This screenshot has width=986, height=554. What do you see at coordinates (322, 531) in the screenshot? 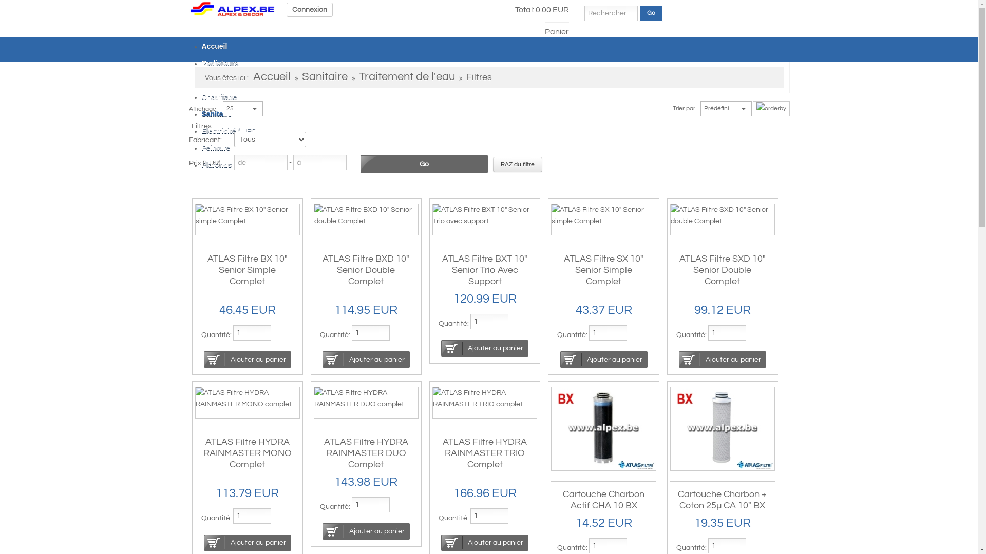
I see `'Ajouter au panier'` at bounding box center [322, 531].